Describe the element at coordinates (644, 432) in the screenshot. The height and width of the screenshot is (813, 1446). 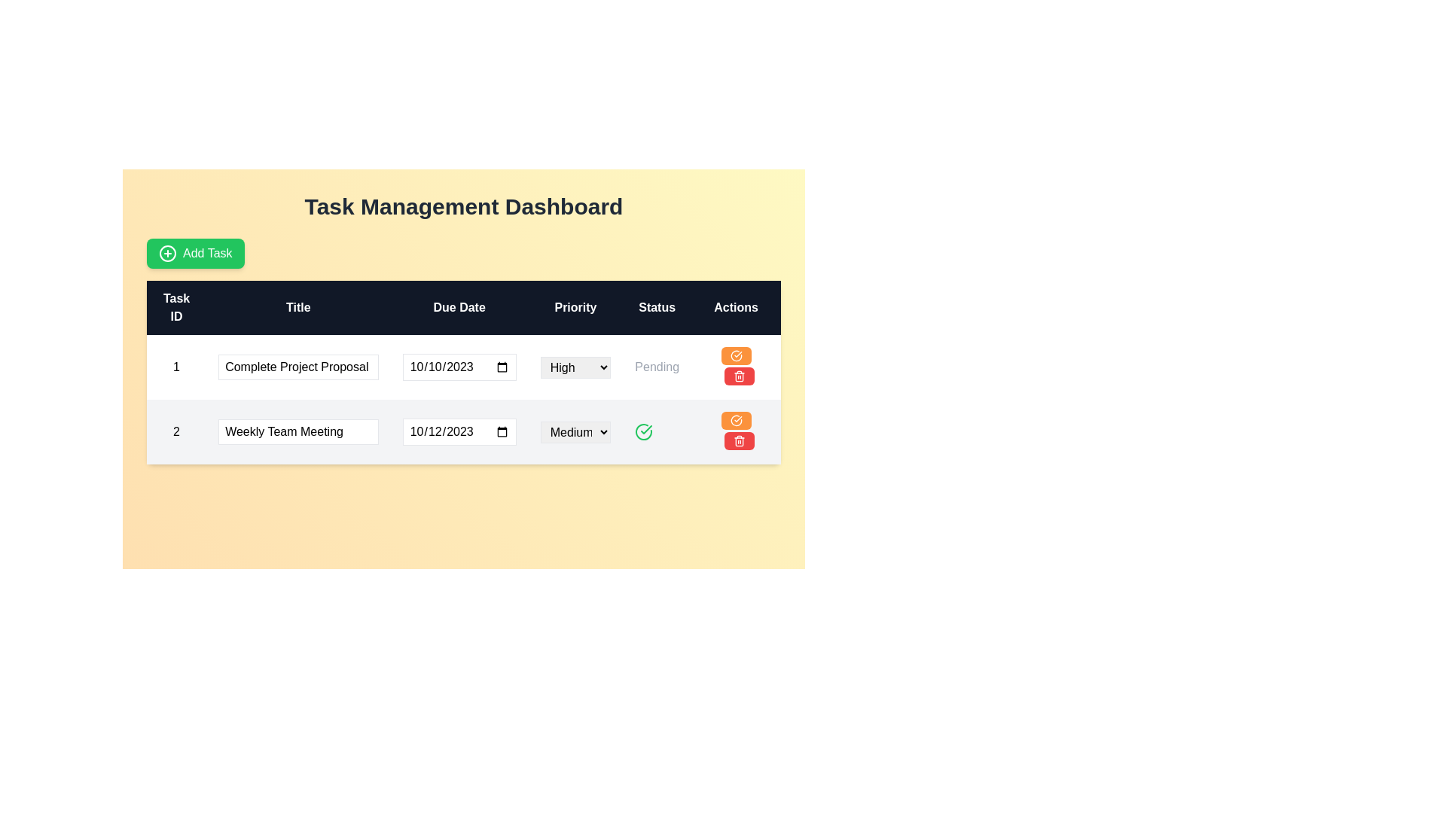
I see `the completed task icon located in the 'Status' column of the second row in the task table, visually linked to the task description` at that location.